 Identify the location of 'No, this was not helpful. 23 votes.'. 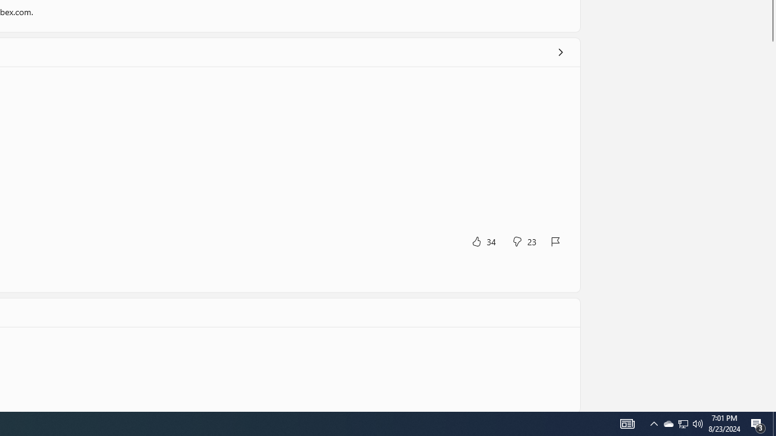
(524, 241).